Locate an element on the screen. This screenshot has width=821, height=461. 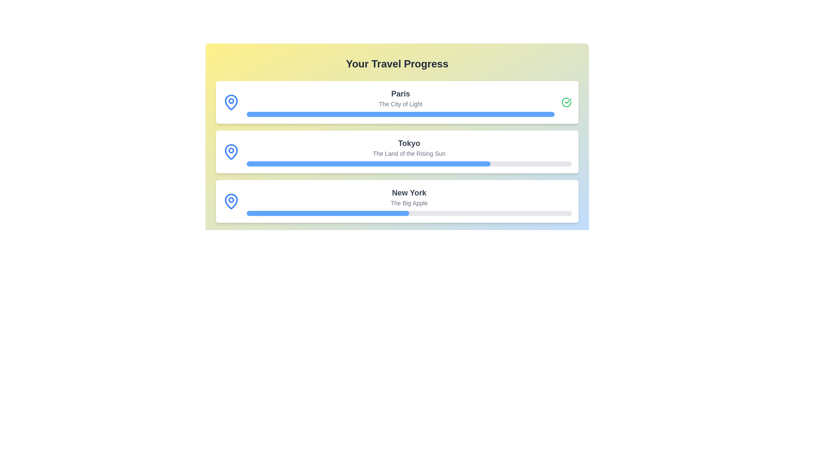
the vertically stacked list of informational cards that represent cities (Paris, Tokyo, New York) is located at coordinates (397, 151).